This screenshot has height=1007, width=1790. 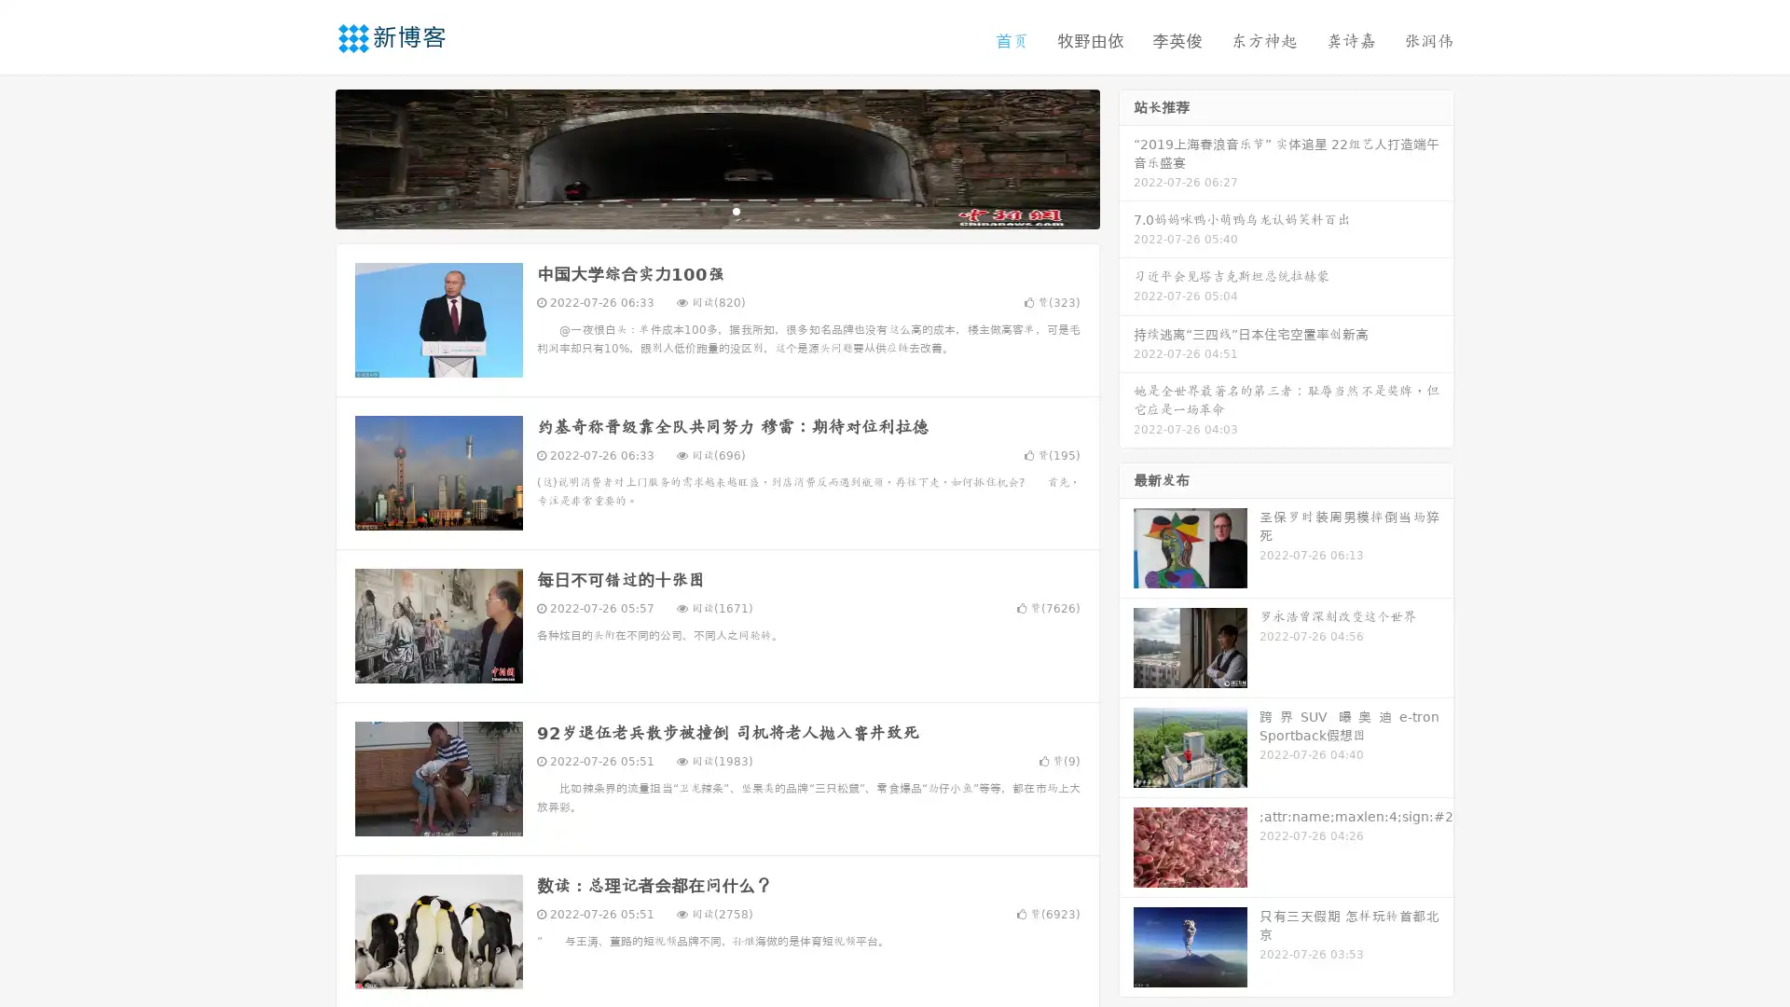 I want to click on Previous slide, so click(x=308, y=157).